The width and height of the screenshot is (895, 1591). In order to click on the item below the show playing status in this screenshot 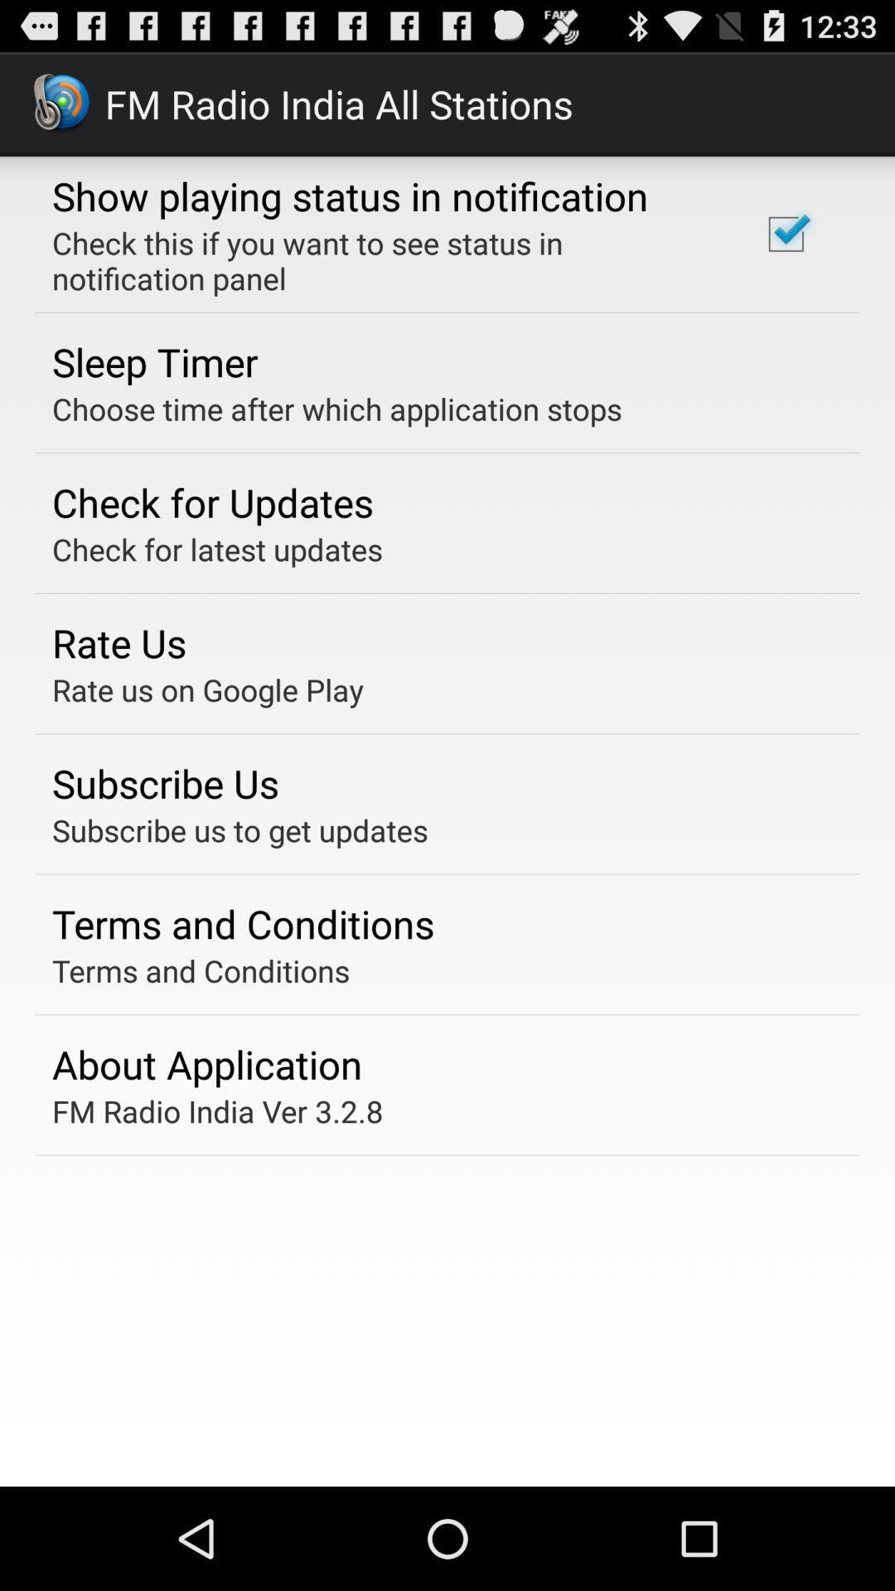, I will do `click(384, 259)`.